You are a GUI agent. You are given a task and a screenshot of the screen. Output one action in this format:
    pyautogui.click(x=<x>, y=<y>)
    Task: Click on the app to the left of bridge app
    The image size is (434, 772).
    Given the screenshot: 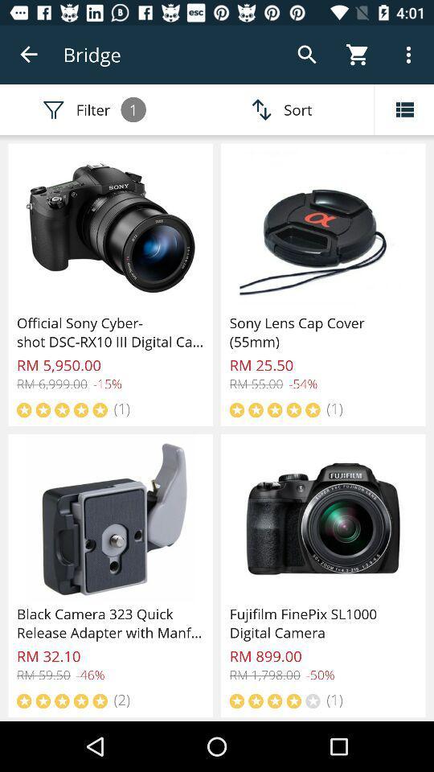 What is the action you would take?
    pyautogui.click(x=29, y=55)
    